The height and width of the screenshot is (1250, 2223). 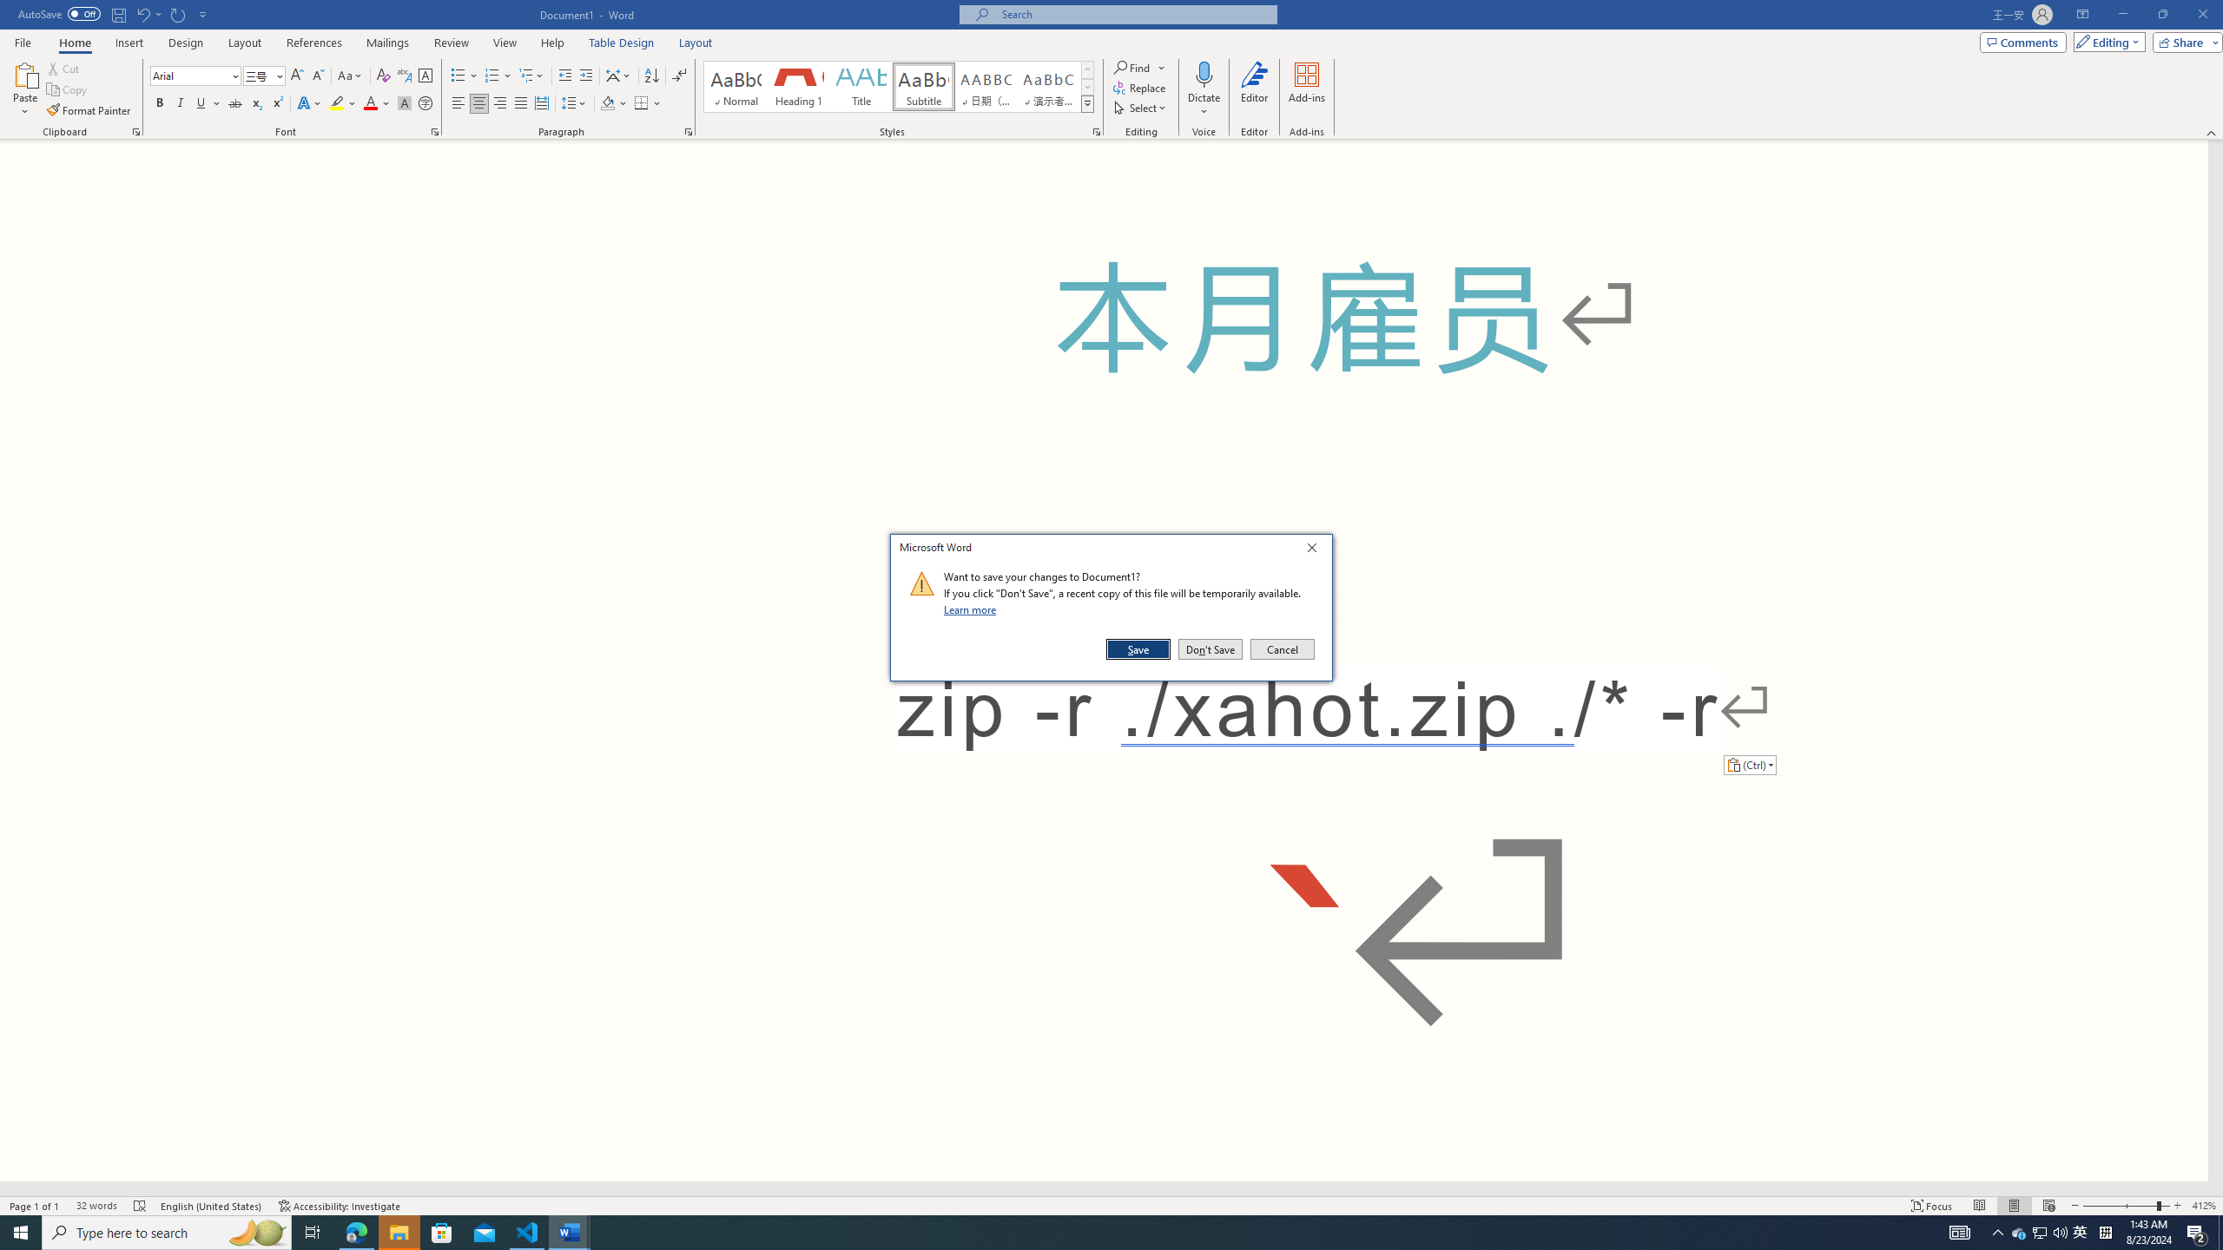 What do you see at coordinates (180, 102) in the screenshot?
I see `'Italic'` at bounding box center [180, 102].